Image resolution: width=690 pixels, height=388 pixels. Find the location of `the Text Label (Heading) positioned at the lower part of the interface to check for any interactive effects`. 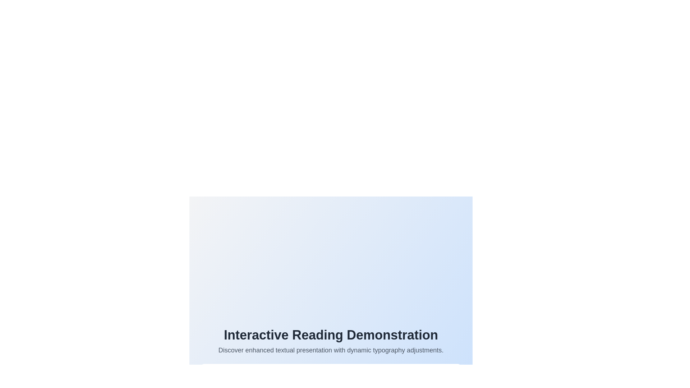

the Text Label (Heading) positioned at the lower part of the interface to check for any interactive effects is located at coordinates (331, 335).